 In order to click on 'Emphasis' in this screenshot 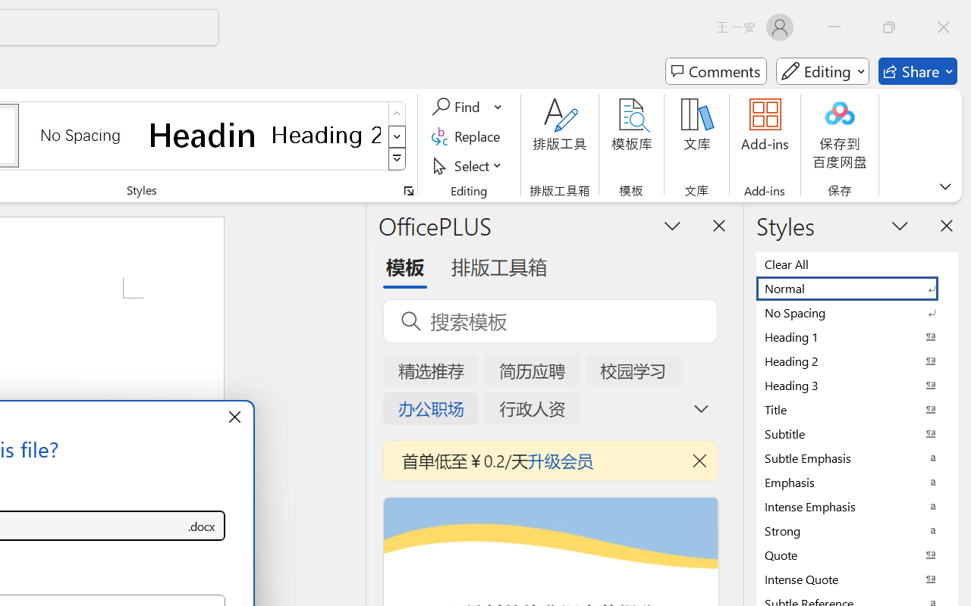, I will do `click(857, 481)`.